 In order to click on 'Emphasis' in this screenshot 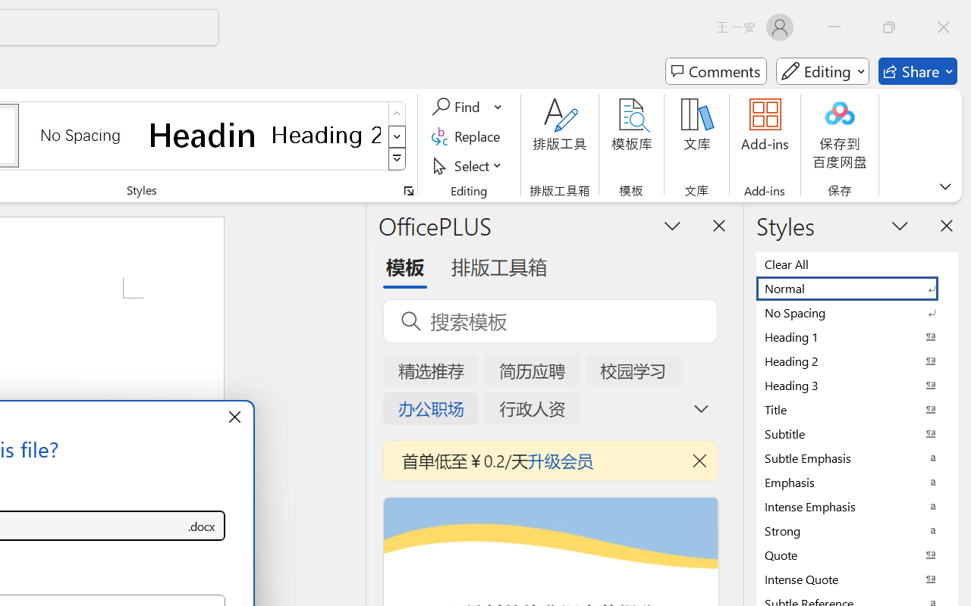, I will do `click(857, 481)`.